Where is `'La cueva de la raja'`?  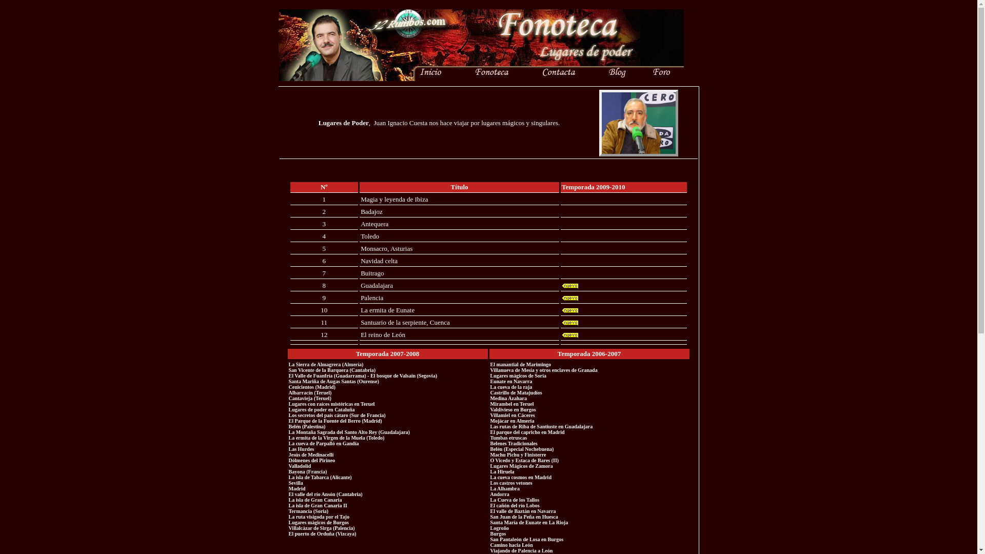
'La cueva de la raja' is located at coordinates (511, 387).